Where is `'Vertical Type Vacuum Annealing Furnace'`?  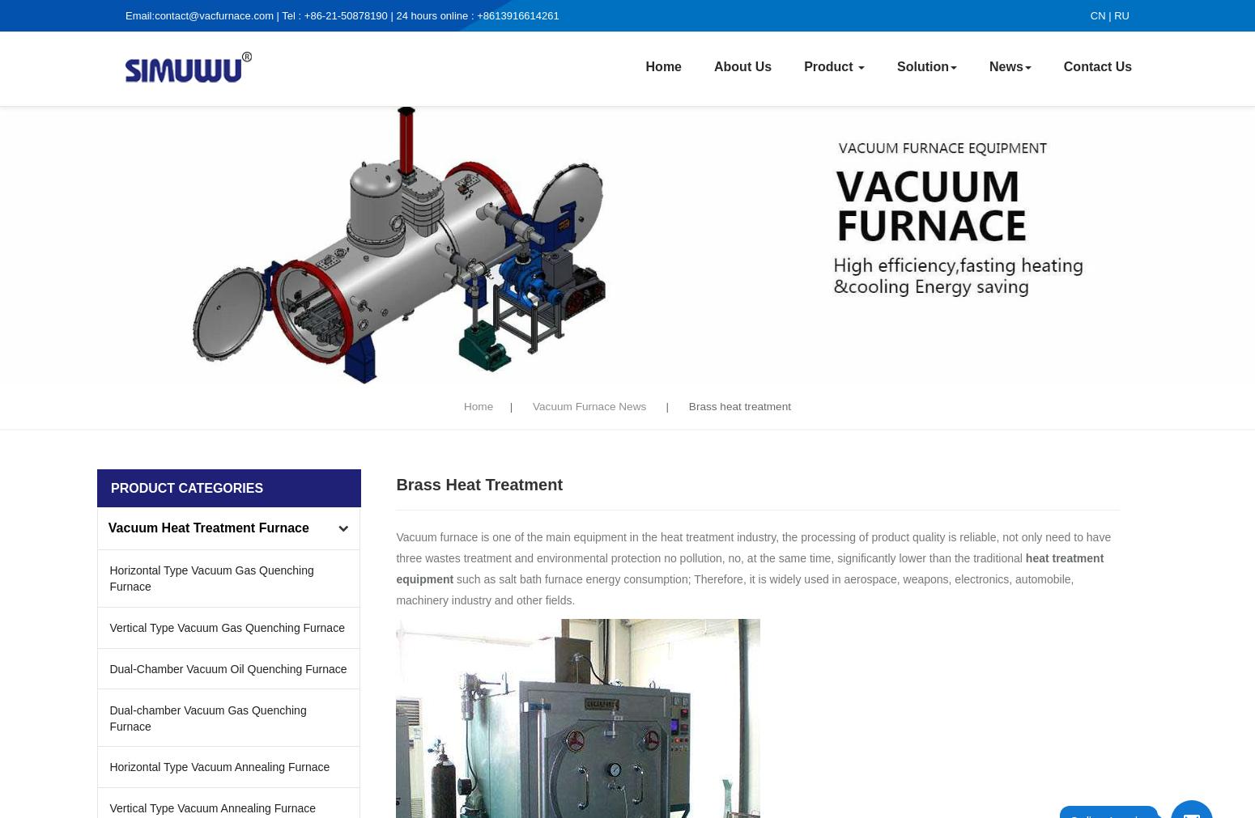
'Vertical Type Vacuum Annealing Furnace' is located at coordinates (109, 807).